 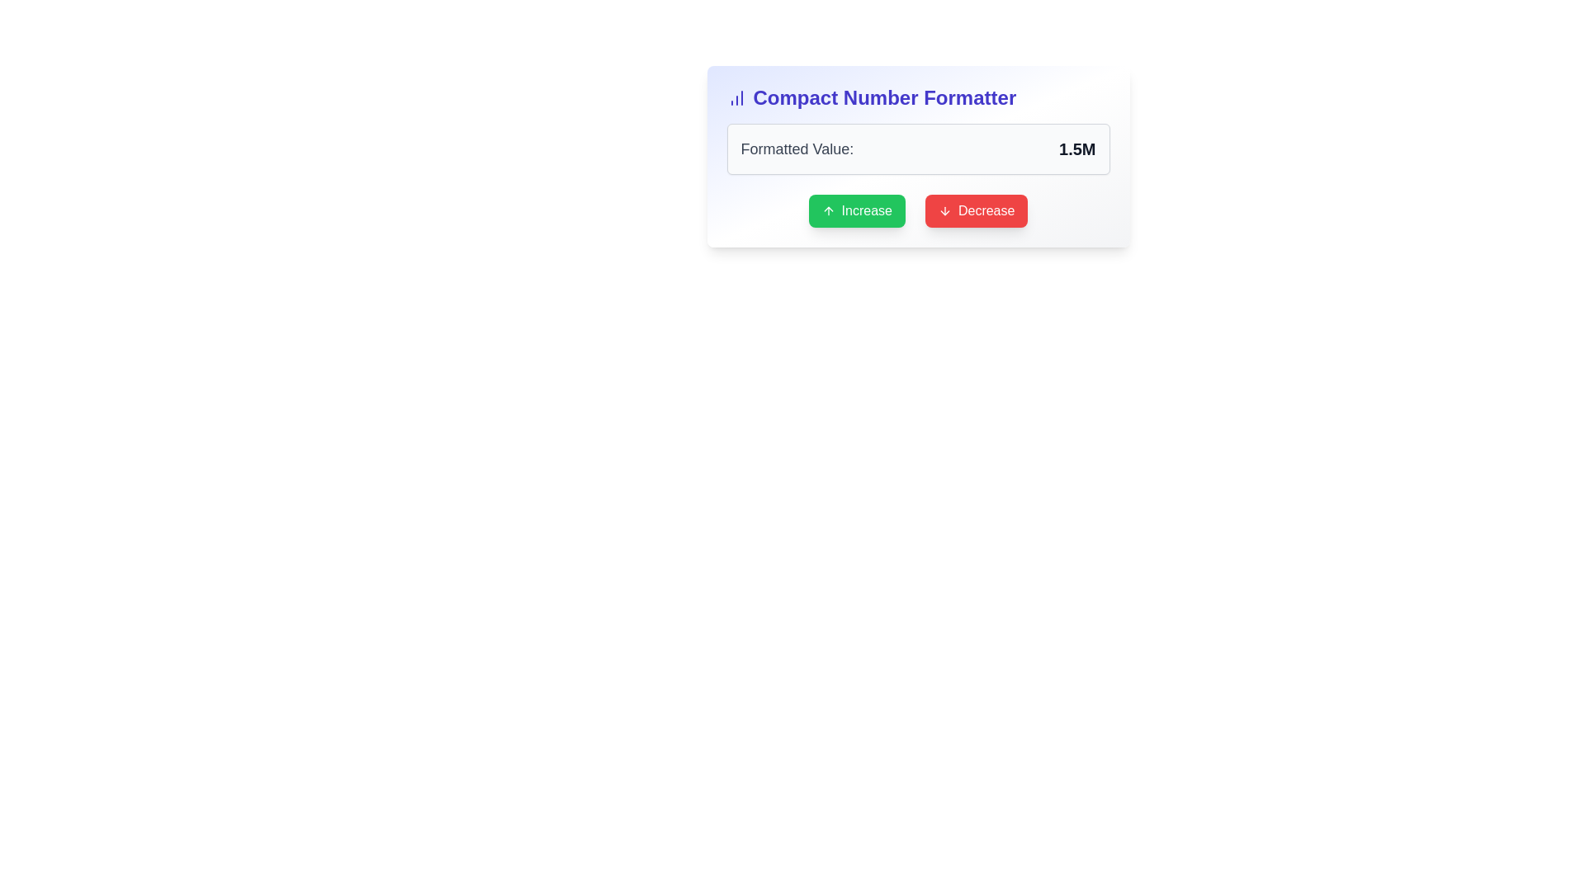 What do you see at coordinates (977, 210) in the screenshot?
I see `the red 'Decrease' button with a downward arrow icon` at bounding box center [977, 210].